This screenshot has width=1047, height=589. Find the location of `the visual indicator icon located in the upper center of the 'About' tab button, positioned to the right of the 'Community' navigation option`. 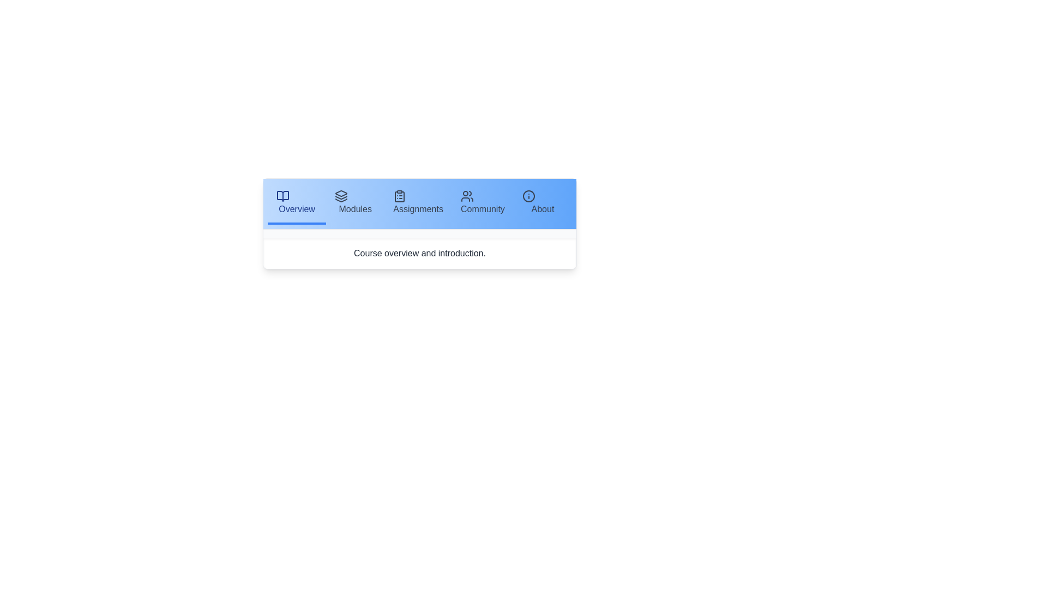

the visual indicator icon located in the upper center of the 'About' tab button, positioned to the right of the 'Community' navigation option is located at coordinates (528, 195).